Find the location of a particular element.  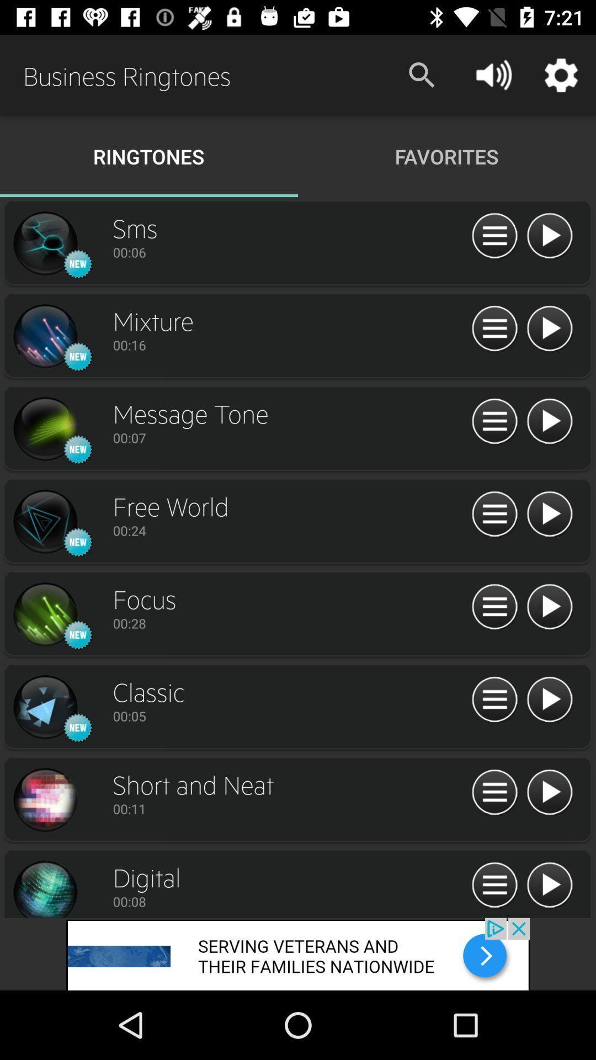

to play the ringtone is located at coordinates (549, 699).